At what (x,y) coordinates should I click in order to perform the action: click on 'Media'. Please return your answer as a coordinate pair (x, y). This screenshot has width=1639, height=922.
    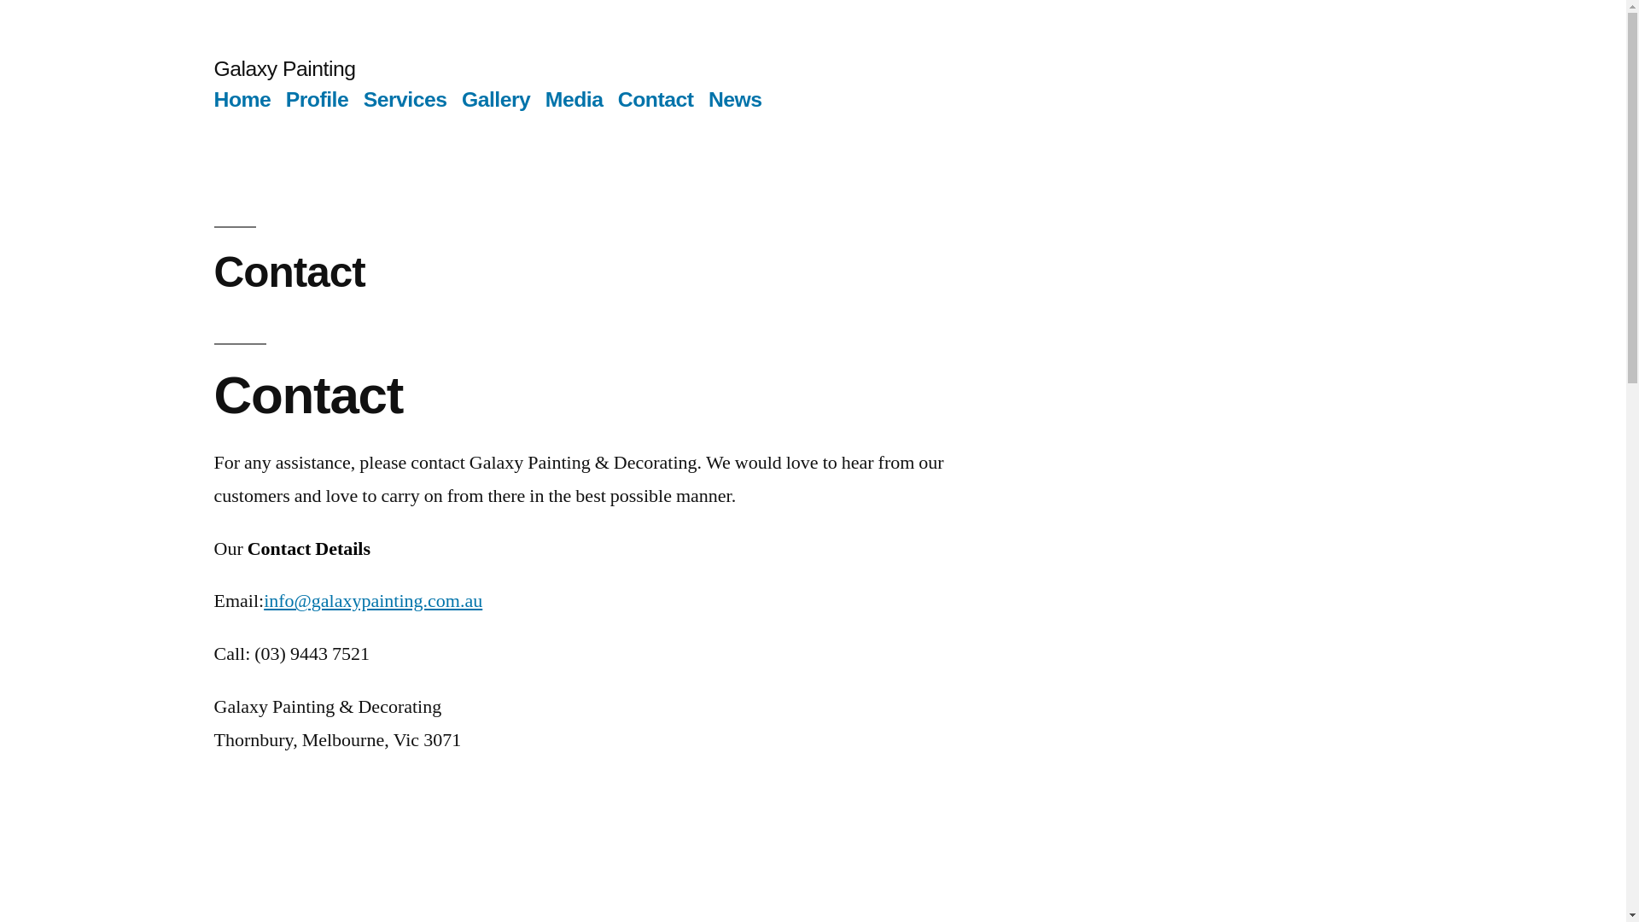
    Looking at the image, I should click on (574, 99).